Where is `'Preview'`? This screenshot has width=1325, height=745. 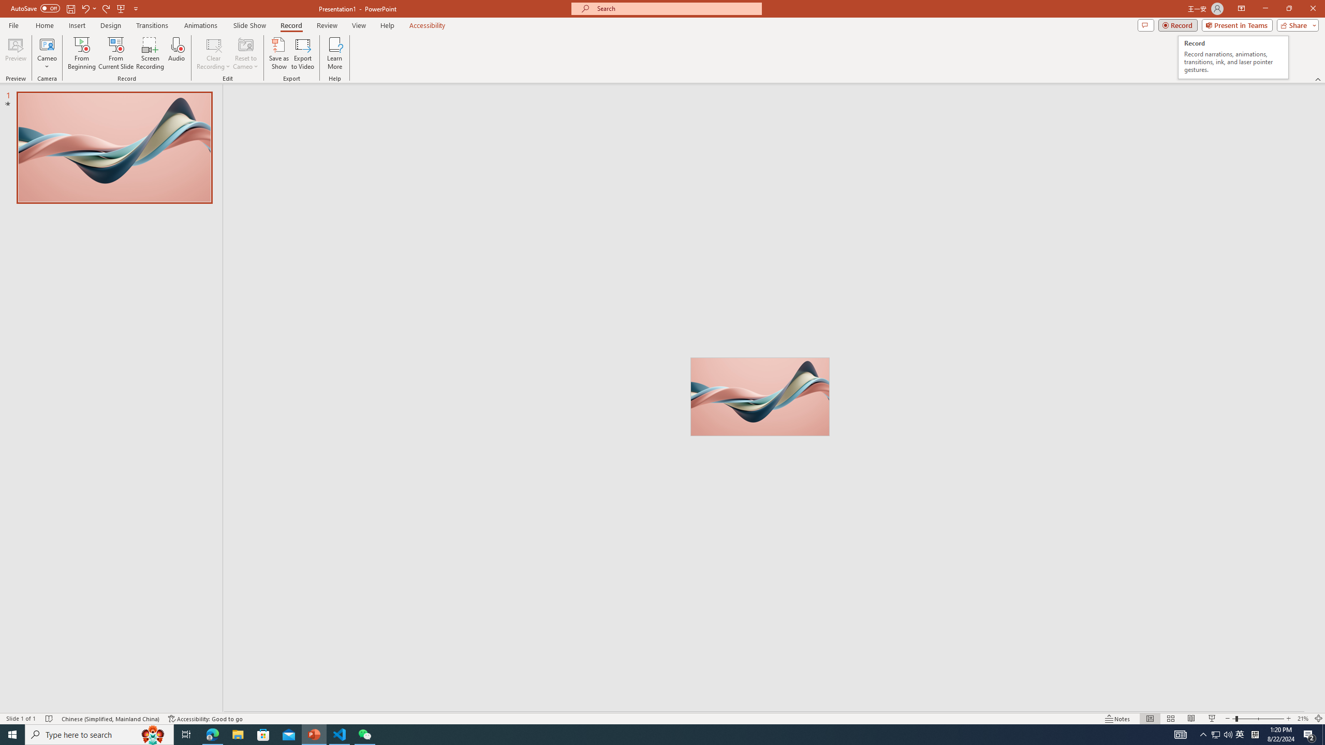
'Preview' is located at coordinates (15, 53).